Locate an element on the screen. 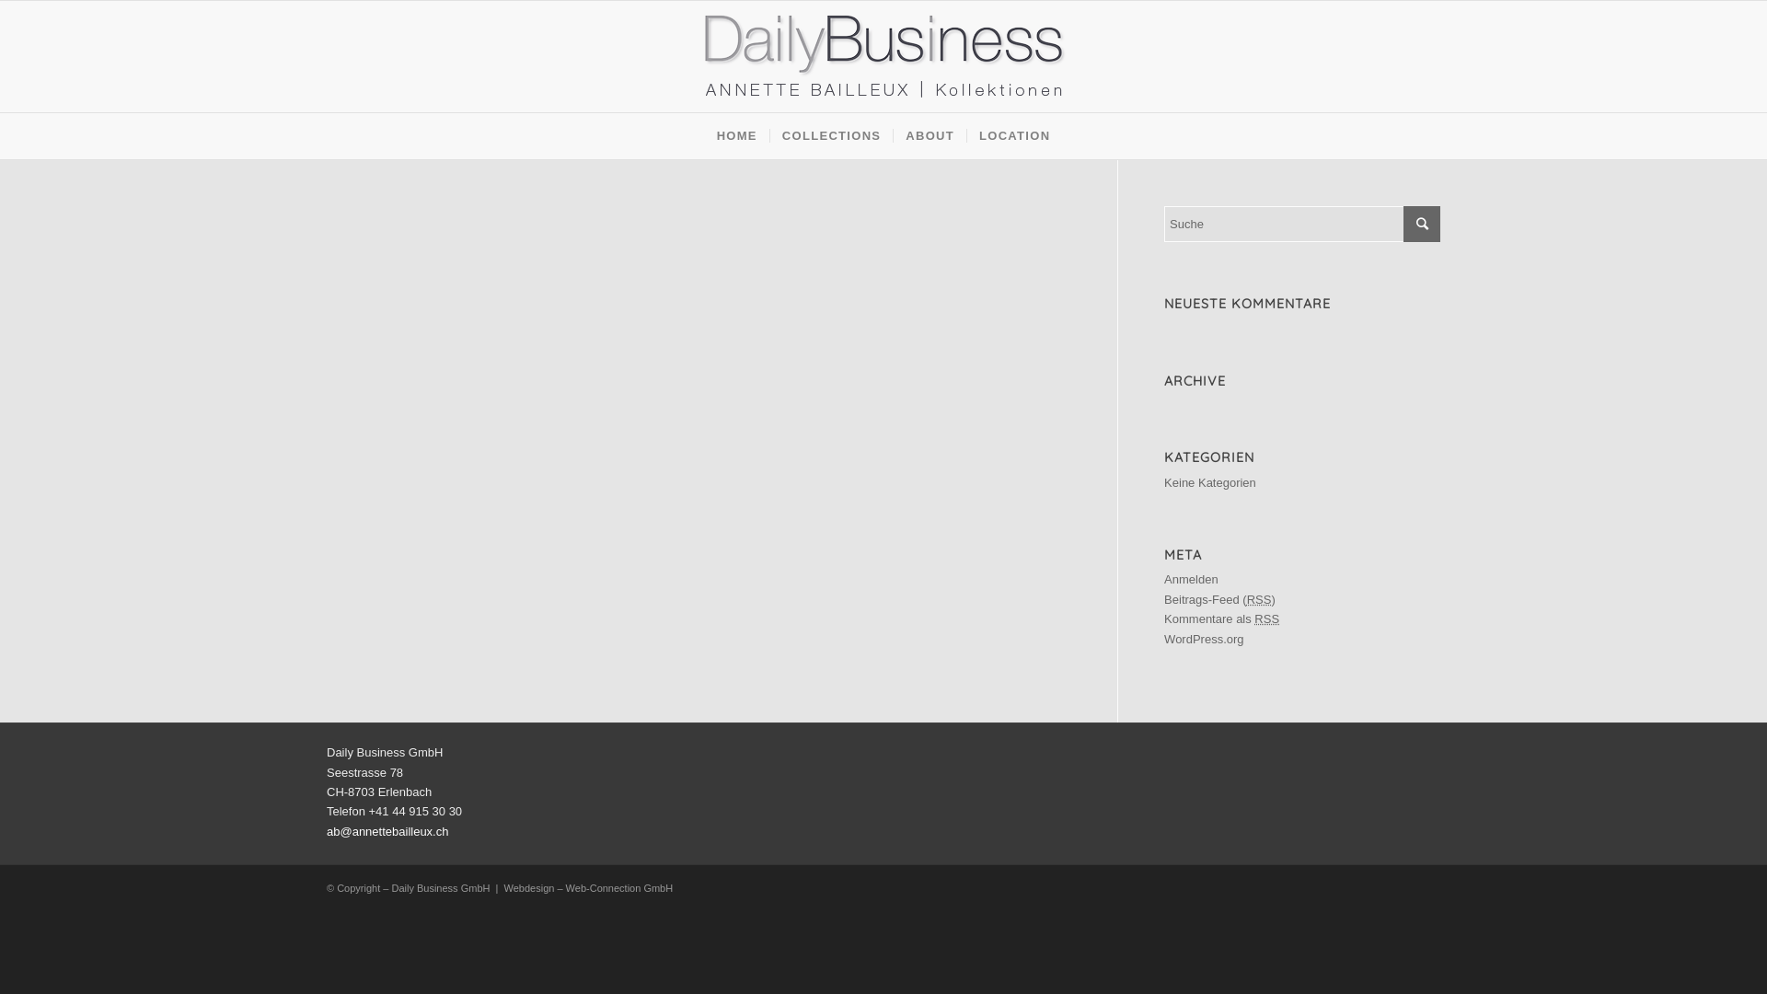 This screenshot has height=994, width=1767. 'Anmelden' is located at coordinates (1163, 578).